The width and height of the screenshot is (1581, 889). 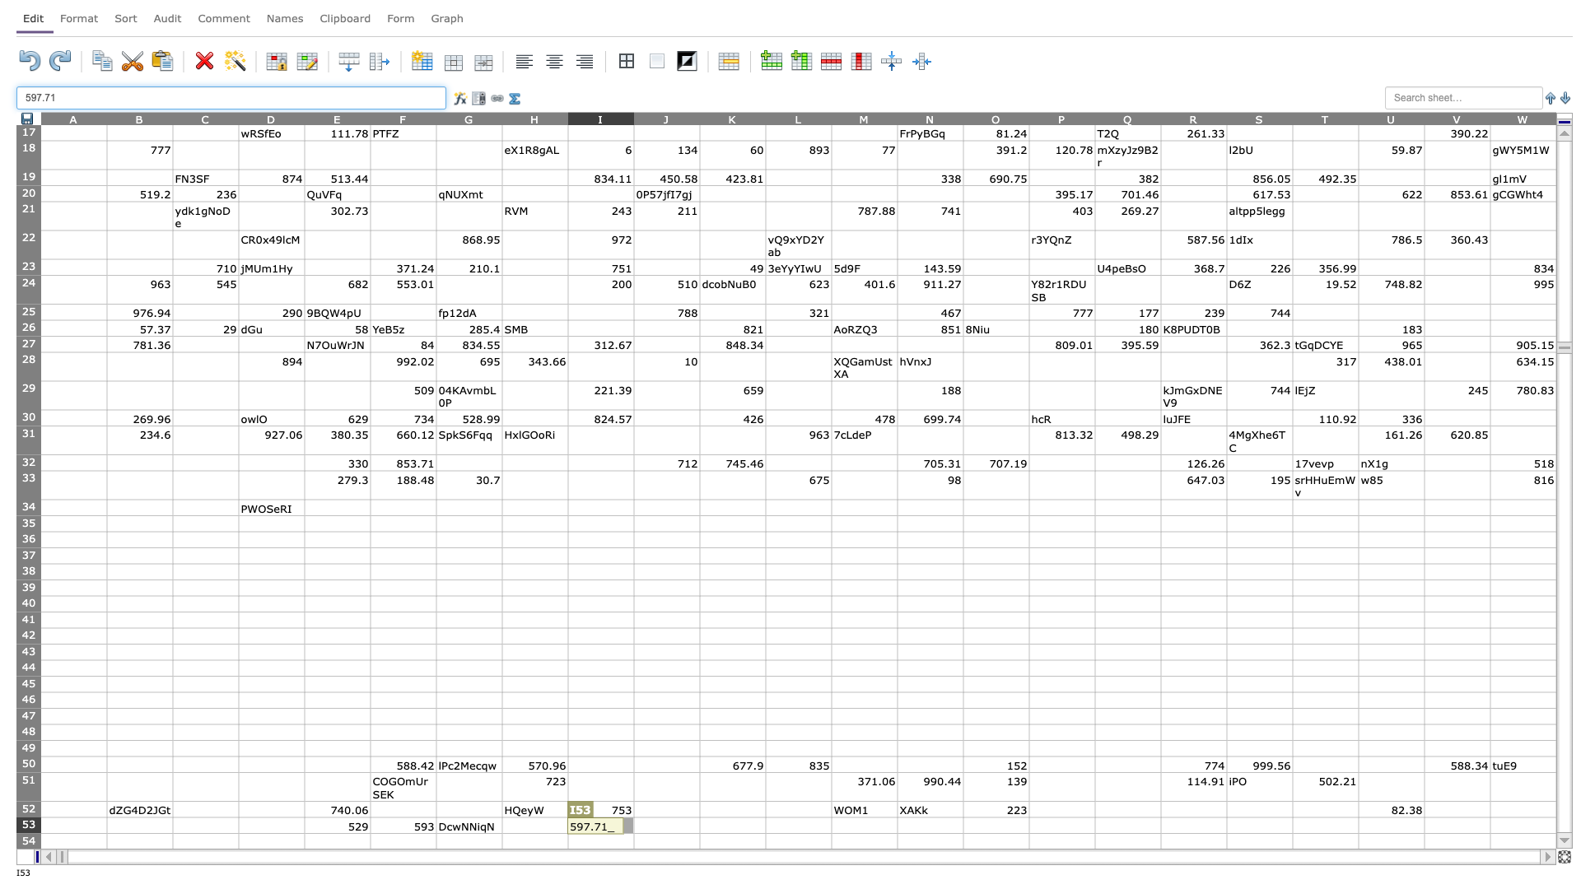 What do you see at coordinates (831, 817) in the screenshot?
I see `Place cursor on top left corner of M53` at bounding box center [831, 817].